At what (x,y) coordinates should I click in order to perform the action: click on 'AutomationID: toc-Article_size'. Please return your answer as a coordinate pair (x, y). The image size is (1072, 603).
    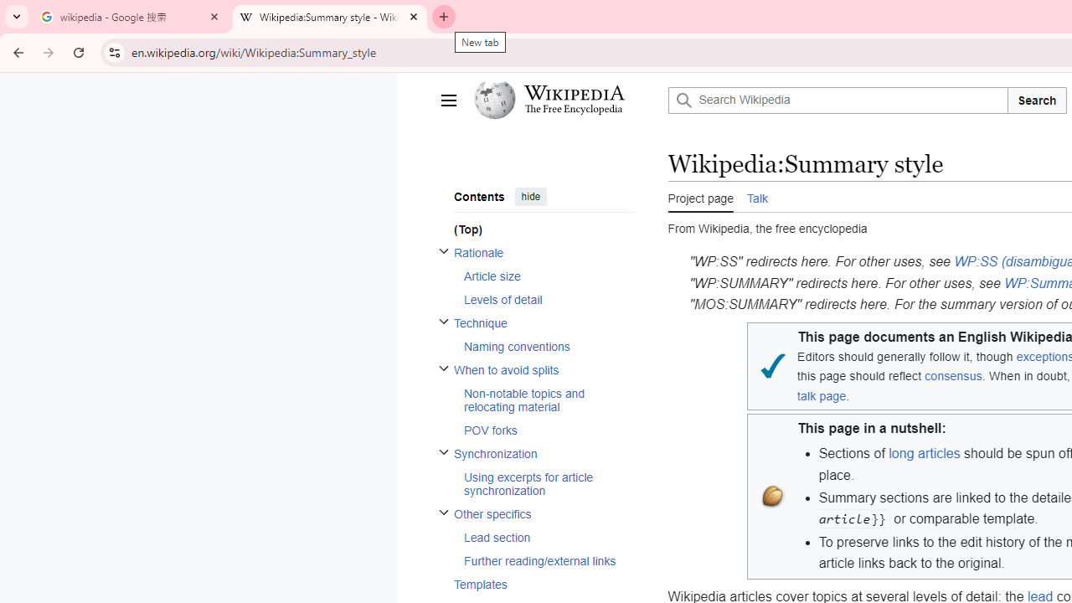
    Looking at the image, I should click on (544, 275).